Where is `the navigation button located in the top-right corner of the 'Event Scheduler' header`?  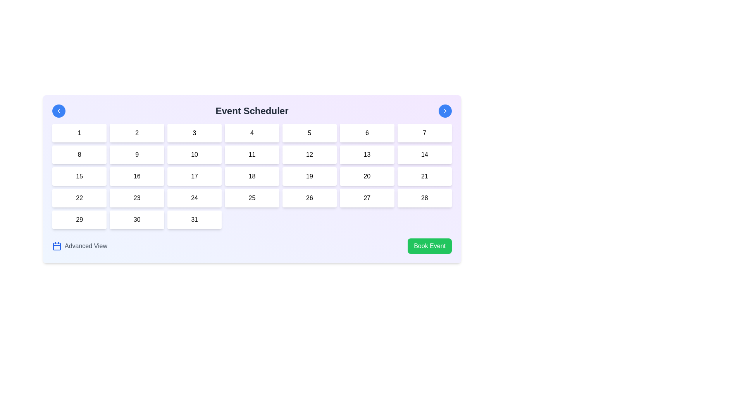 the navigation button located in the top-right corner of the 'Event Scheduler' header is located at coordinates (445, 111).